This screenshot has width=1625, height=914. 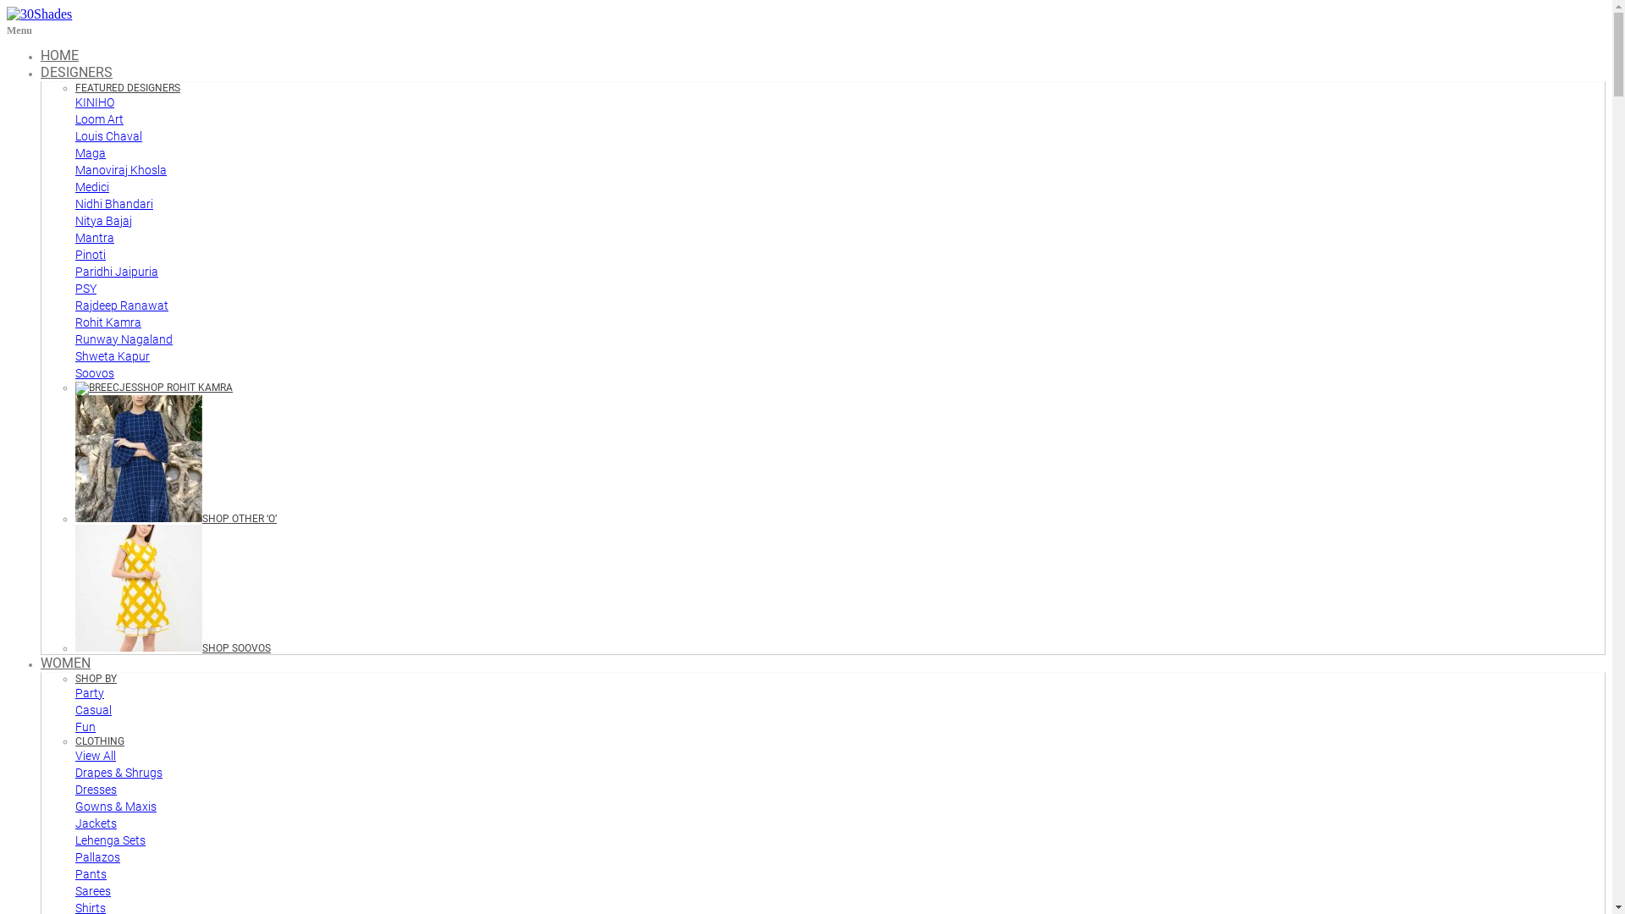 I want to click on 'View All', so click(x=74, y=755).